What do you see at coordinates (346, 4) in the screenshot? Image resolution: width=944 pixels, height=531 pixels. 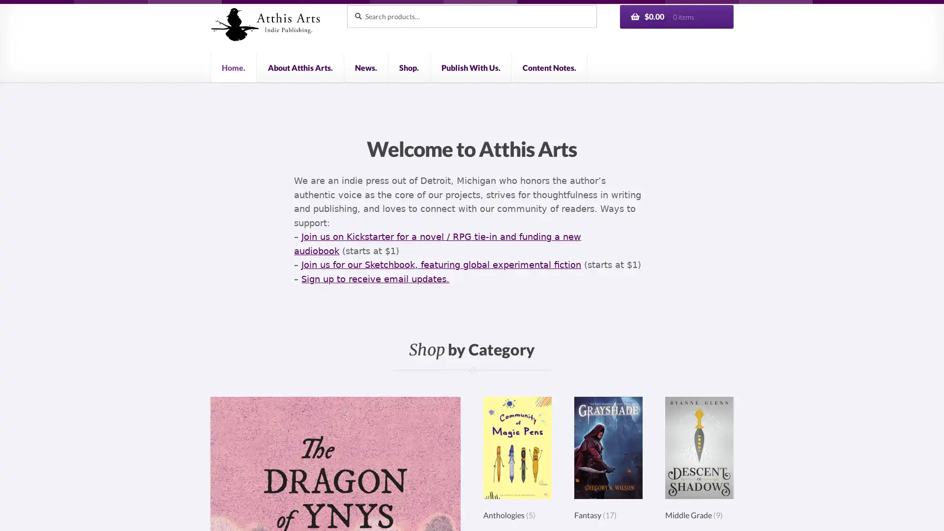 I see `Search` at bounding box center [346, 4].